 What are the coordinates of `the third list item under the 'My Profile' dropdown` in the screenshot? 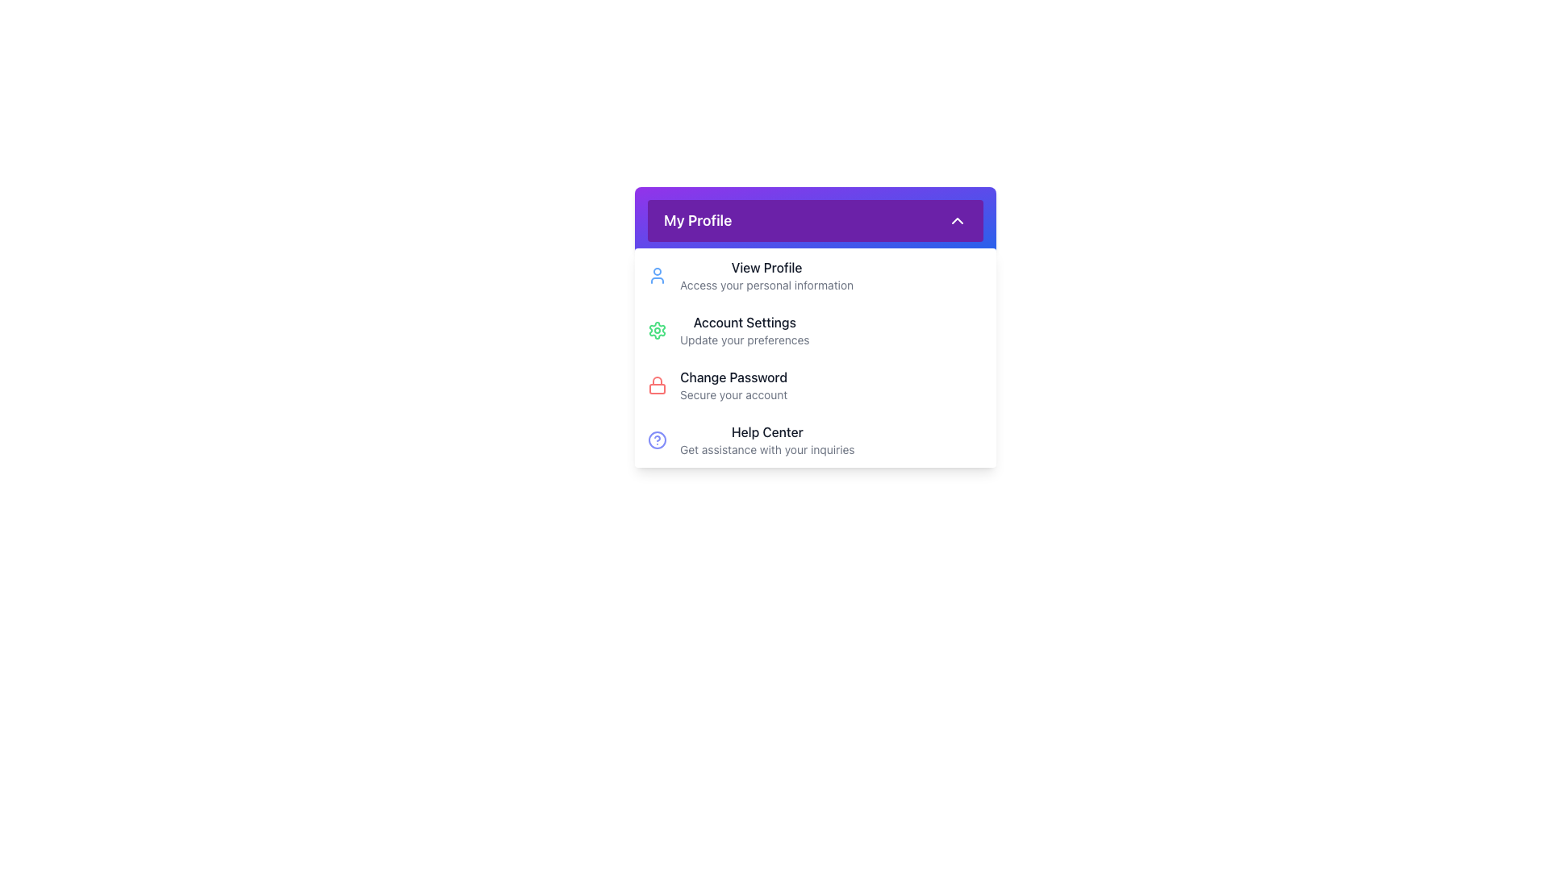 It's located at (816, 385).